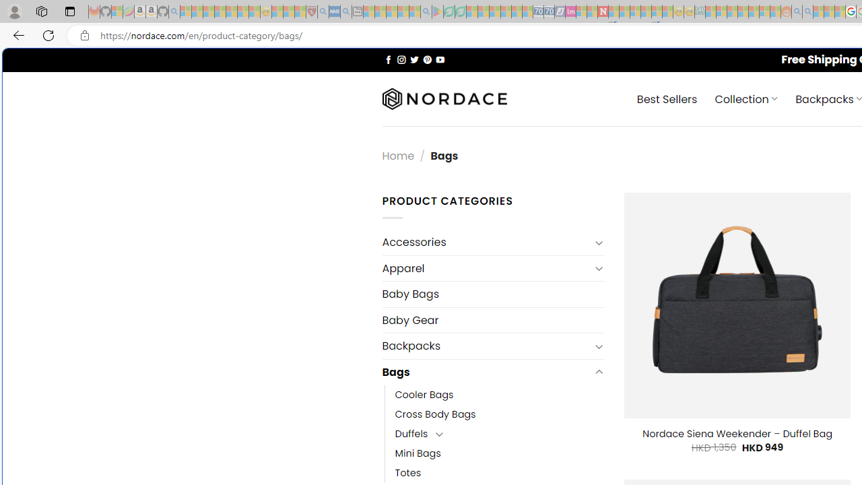  Describe the element at coordinates (485, 372) in the screenshot. I see `'Bags'` at that location.